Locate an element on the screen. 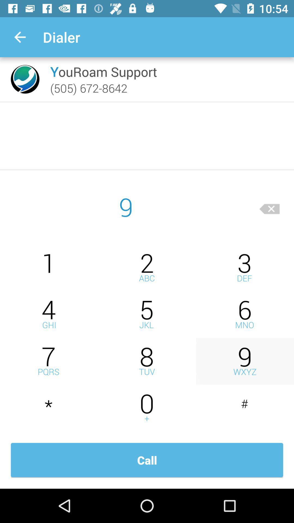 The width and height of the screenshot is (294, 523). it describe number is located at coordinates (147, 314).